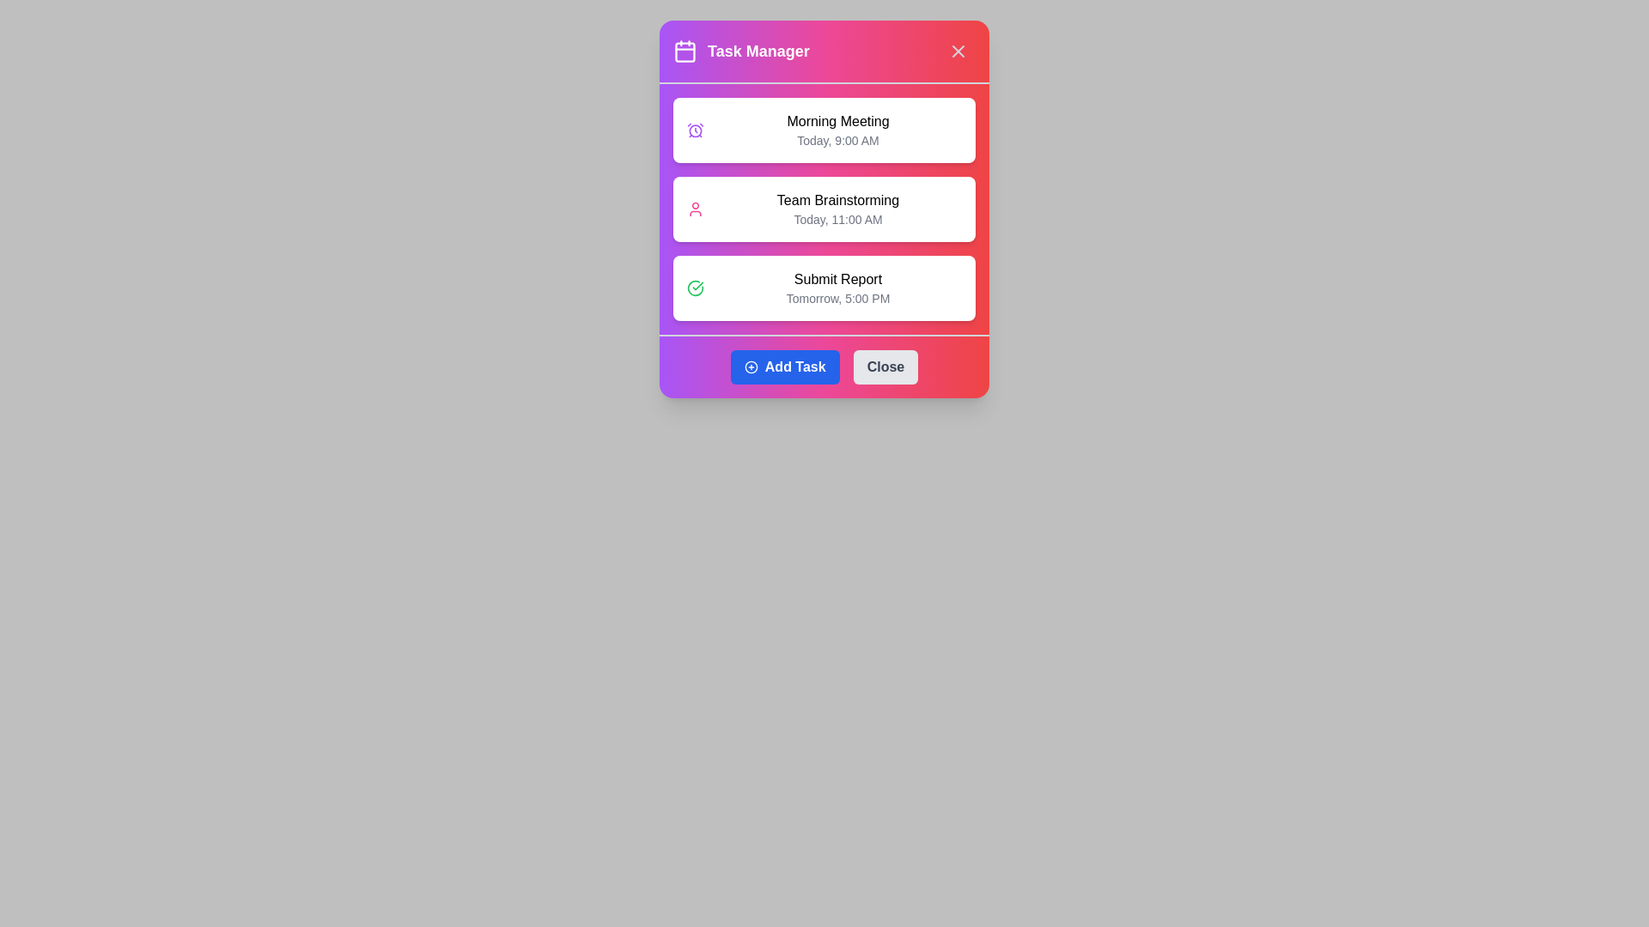 This screenshot has height=927, width=1649. Describe the element at coordinates (958, 51) in the screenshot. I see `the diagonal line icon forming an 'X' shape in the top-right corner of the task manager interface` at that location.